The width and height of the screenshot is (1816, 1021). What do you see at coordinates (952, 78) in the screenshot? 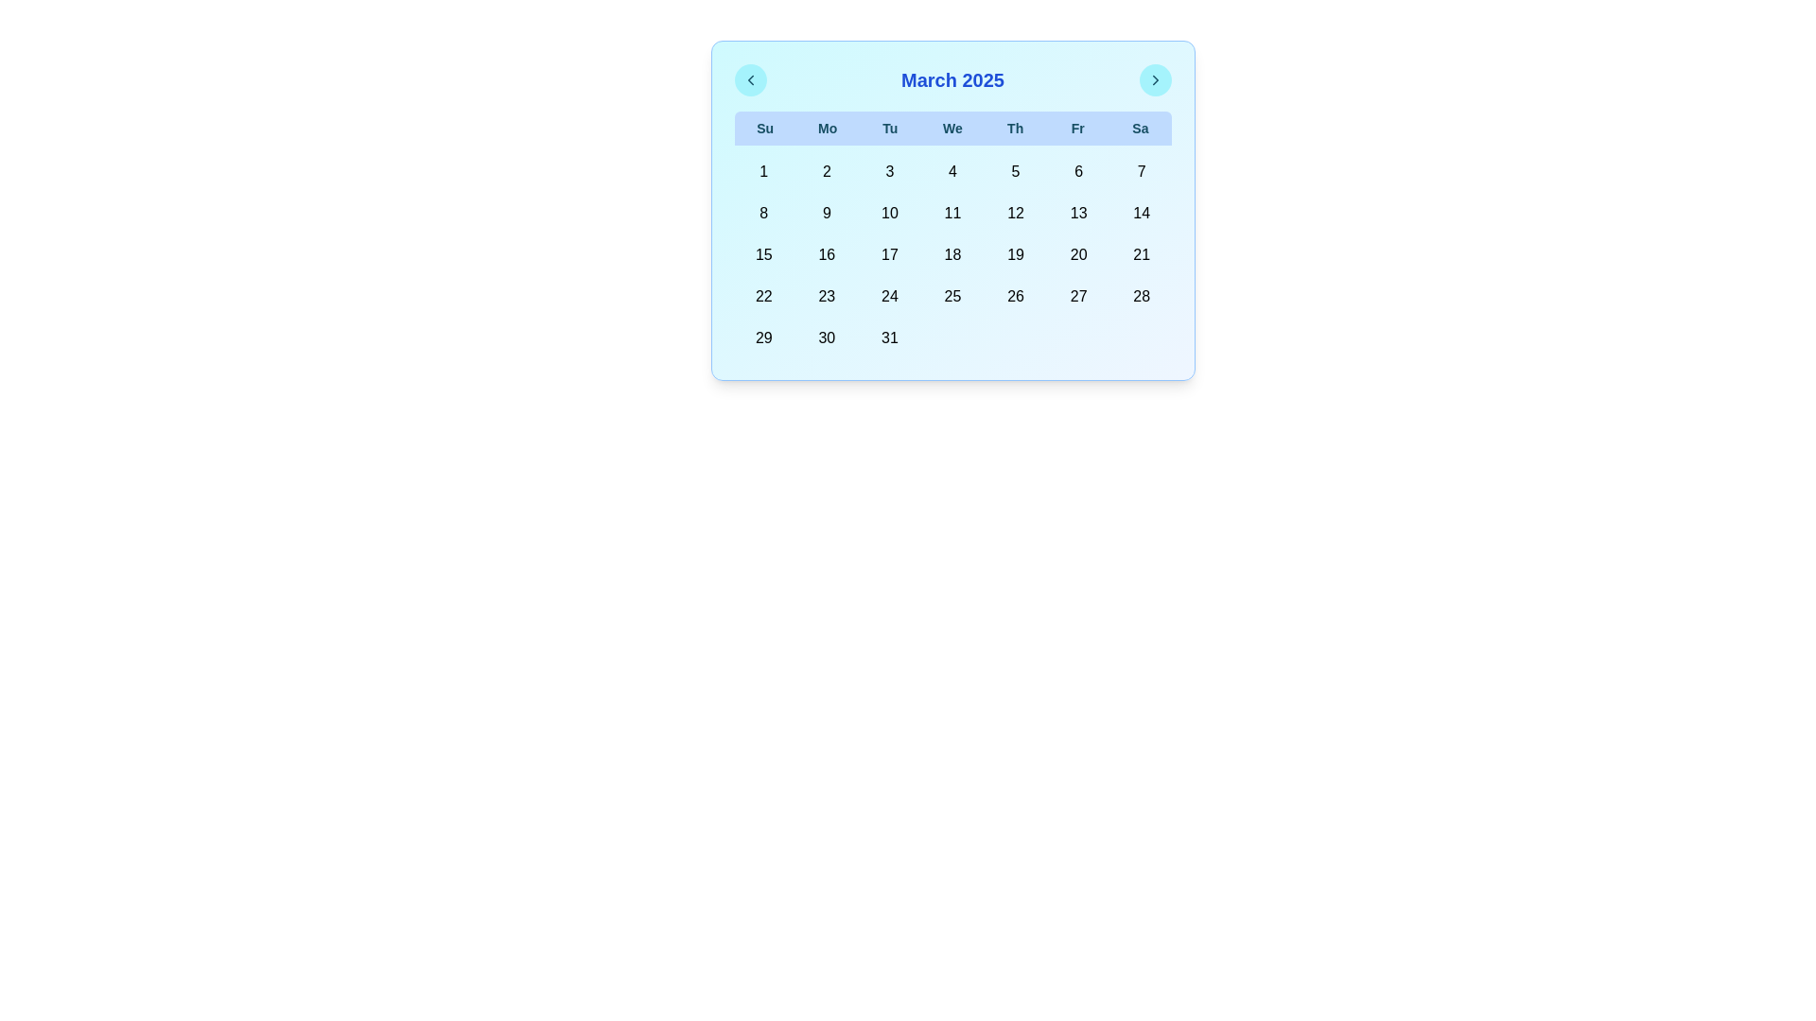
I see `text label 'March 2025' located at the top-center of the calendar header, which is displayed in bold blue font` at bounding box center [952, 78].